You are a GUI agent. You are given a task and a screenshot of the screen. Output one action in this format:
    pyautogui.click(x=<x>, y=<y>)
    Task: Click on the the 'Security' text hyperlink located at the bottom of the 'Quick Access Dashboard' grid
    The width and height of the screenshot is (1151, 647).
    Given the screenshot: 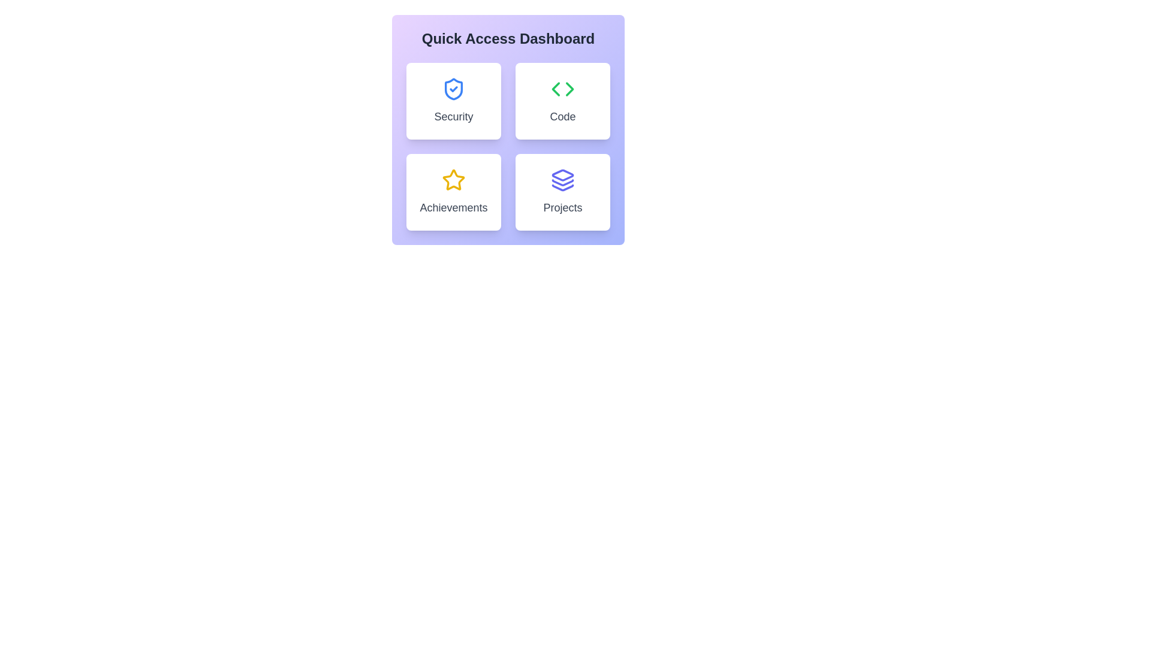 What is the action you would take?
    pyautogui.click(x=453, y=117)
    